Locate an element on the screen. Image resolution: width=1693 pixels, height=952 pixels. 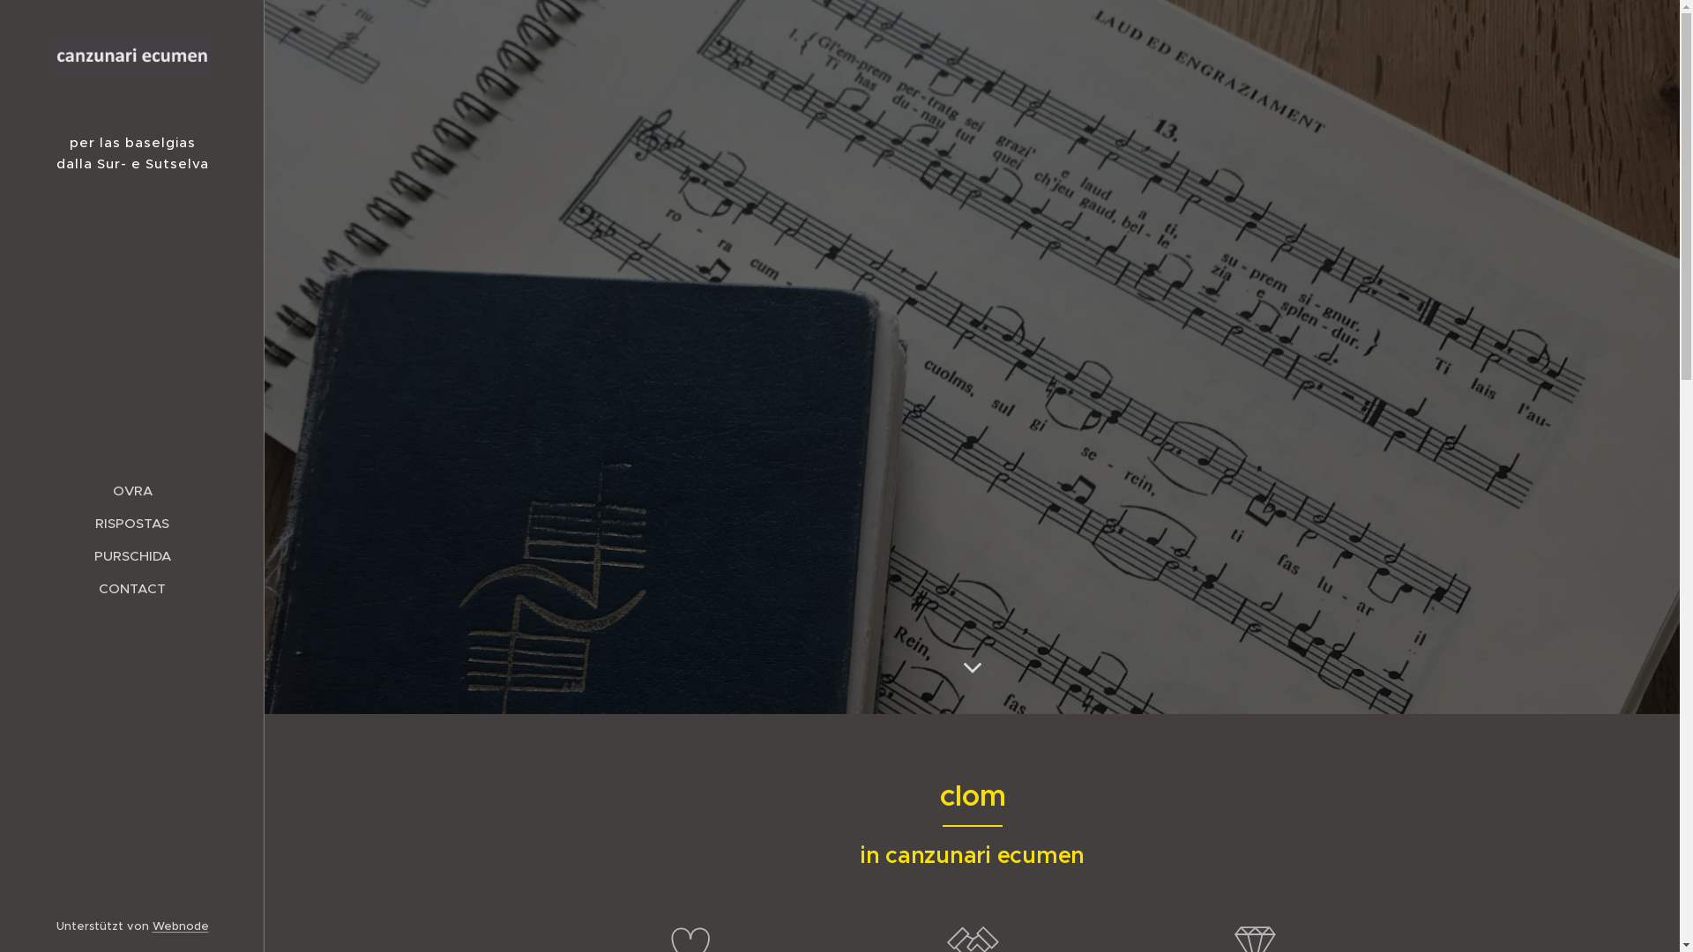
'CONTACT' is located at coordinates (4, 588).